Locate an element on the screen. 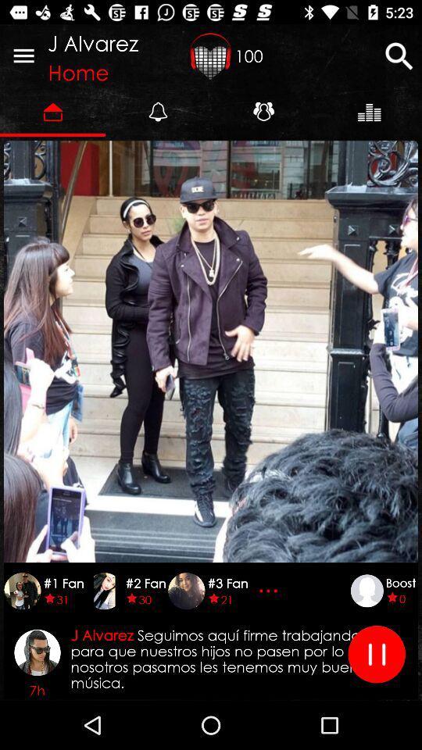 This screenshot has width=422, height=750. see more options is located at coordinates (270, 590).